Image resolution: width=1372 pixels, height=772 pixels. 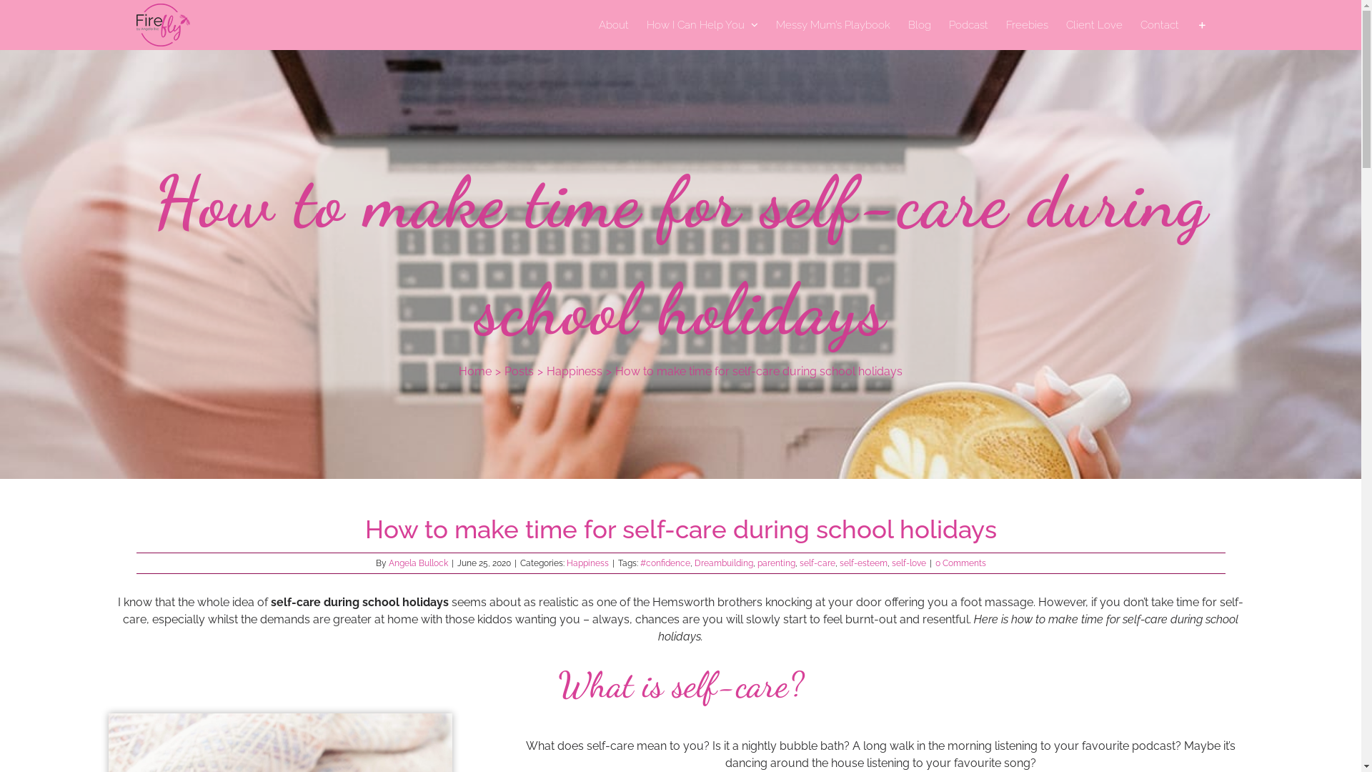 What do you see at coordinates (1159, 24) in the screenshot?
I see `'Contact'` at bounding box center [1159, 24].